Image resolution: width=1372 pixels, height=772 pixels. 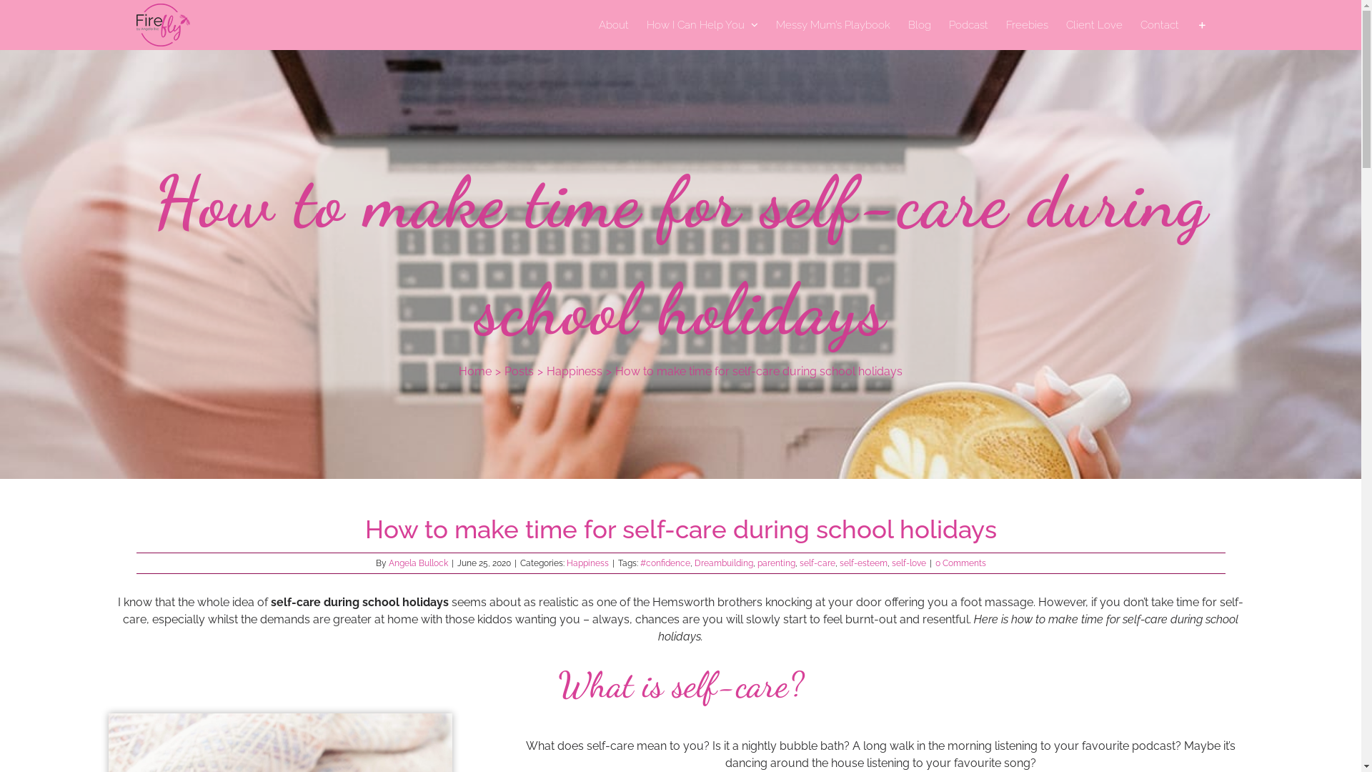 What do you see at coordinates (1159, 24) in the screenshot?
I see `'Contact'` at bounding box center [1159, 24].